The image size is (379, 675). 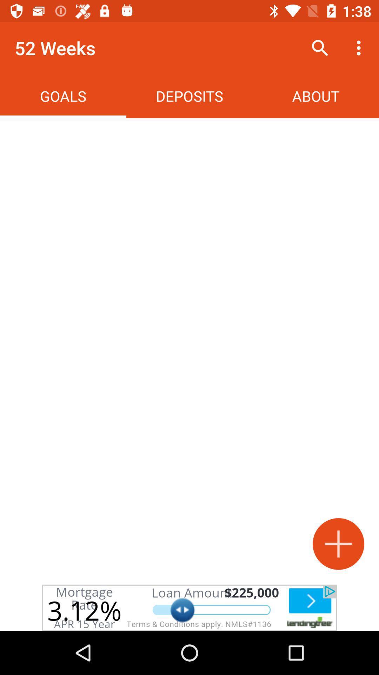 I want to click on goal, so click(x=338, y=544).